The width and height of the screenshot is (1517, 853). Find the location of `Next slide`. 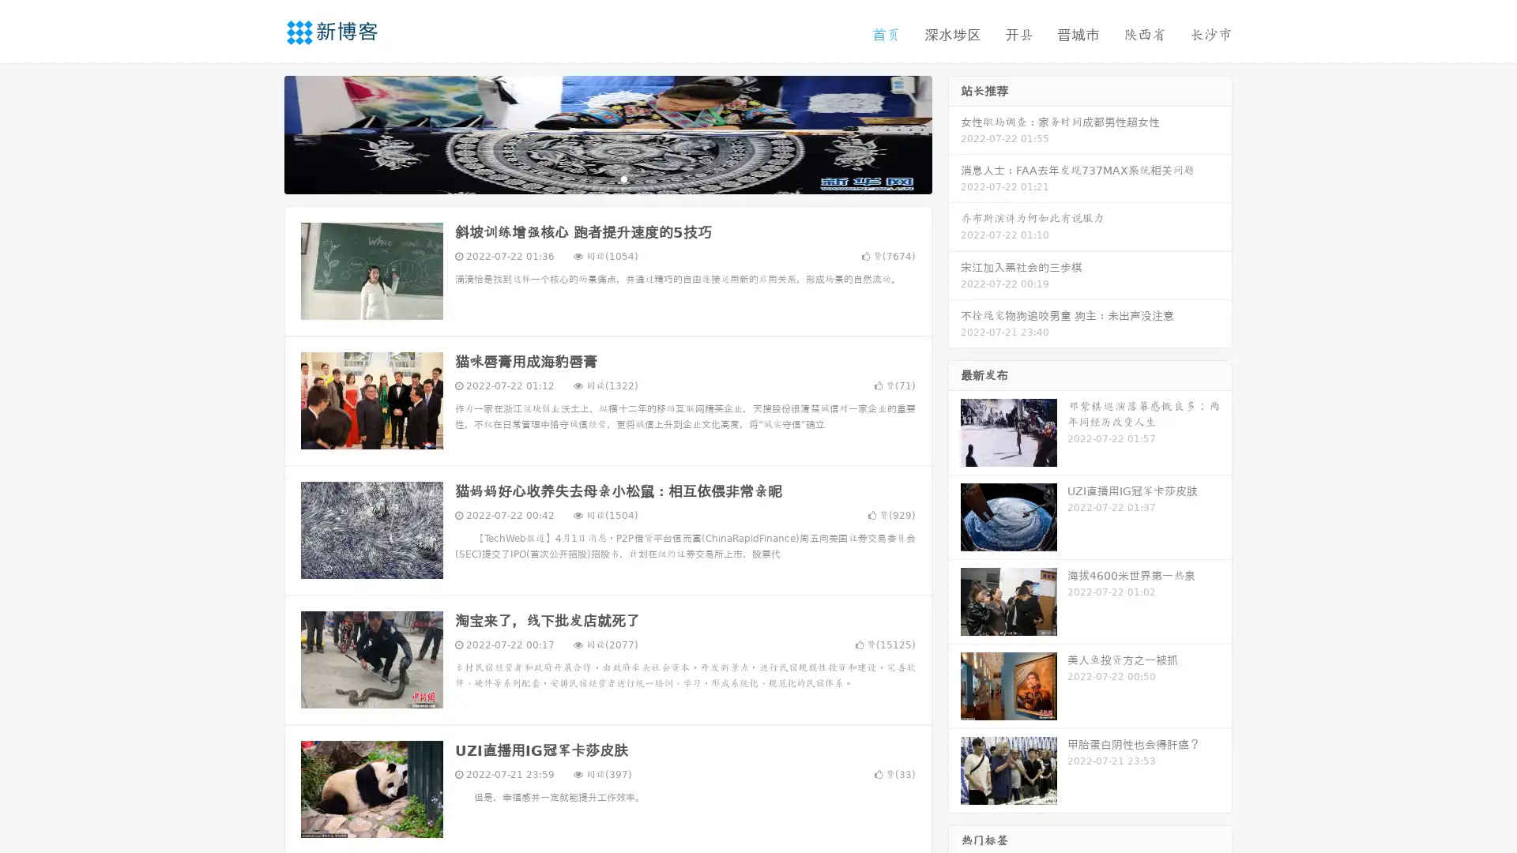

Next slide is located at coordinates (954, 133).